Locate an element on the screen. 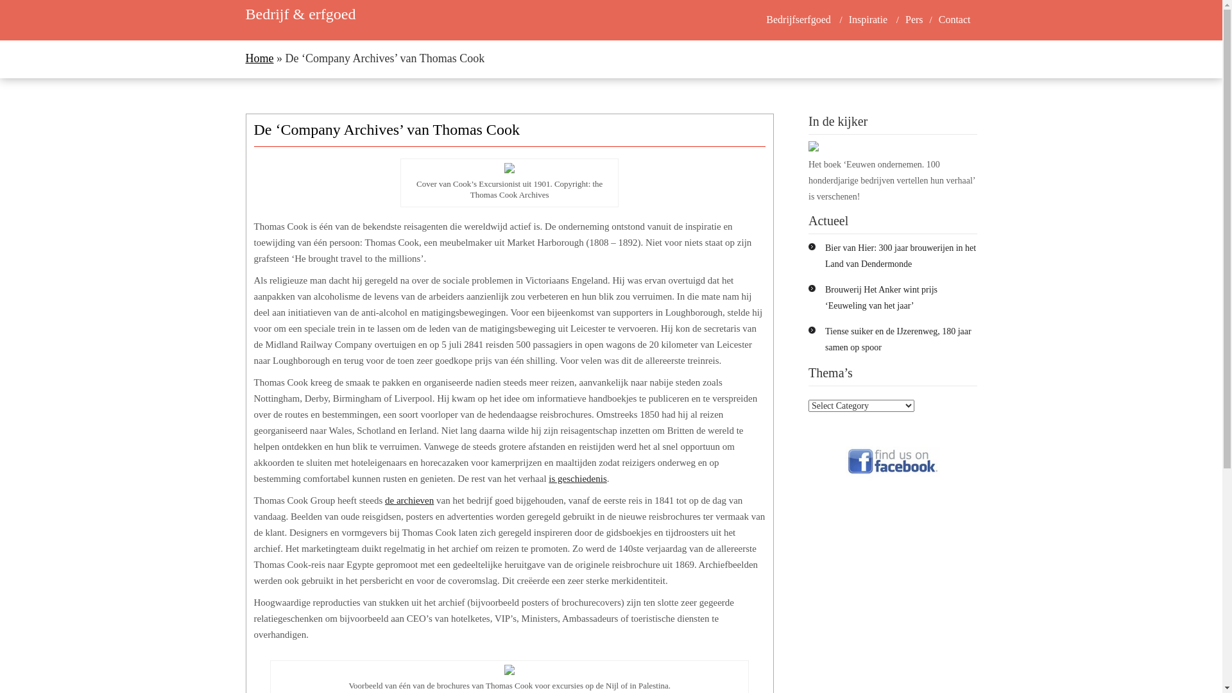  'Tiense suiker en de IJzerenweg, 180 jaar samen op spoor' is located at coordinates (825, 338).